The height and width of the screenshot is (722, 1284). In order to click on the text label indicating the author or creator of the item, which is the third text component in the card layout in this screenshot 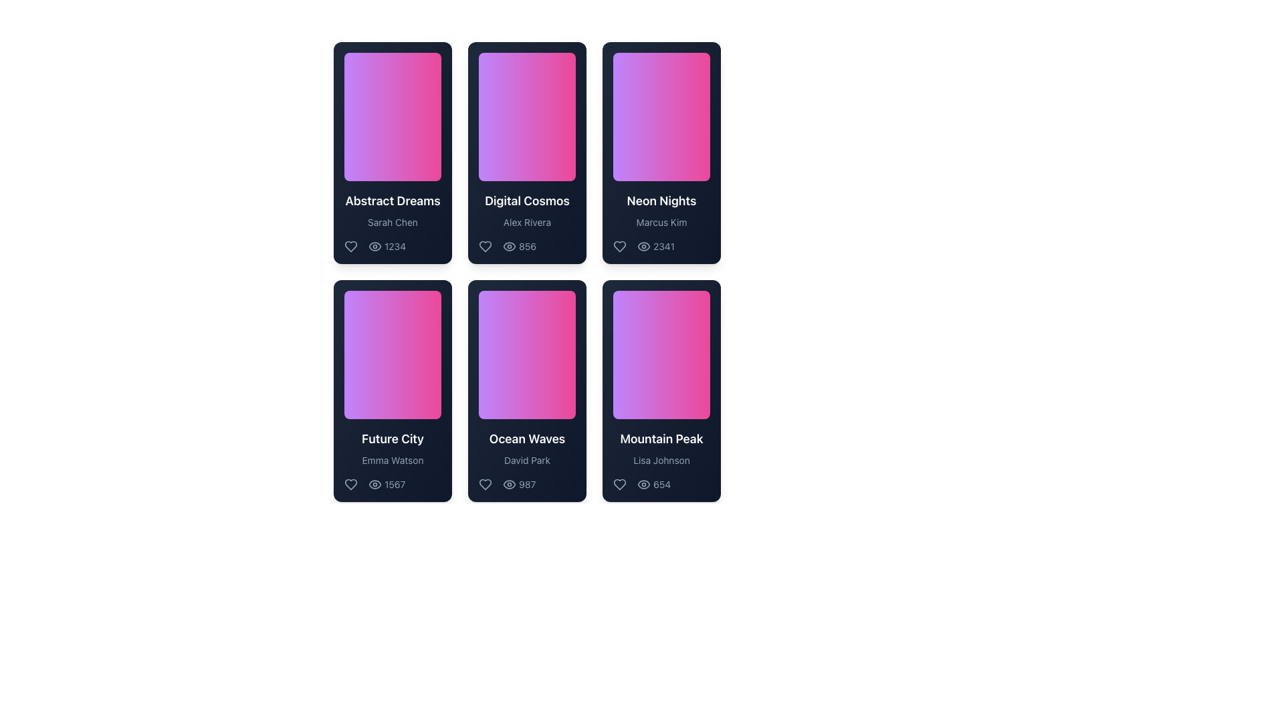, I will do `click(526, 460)`.